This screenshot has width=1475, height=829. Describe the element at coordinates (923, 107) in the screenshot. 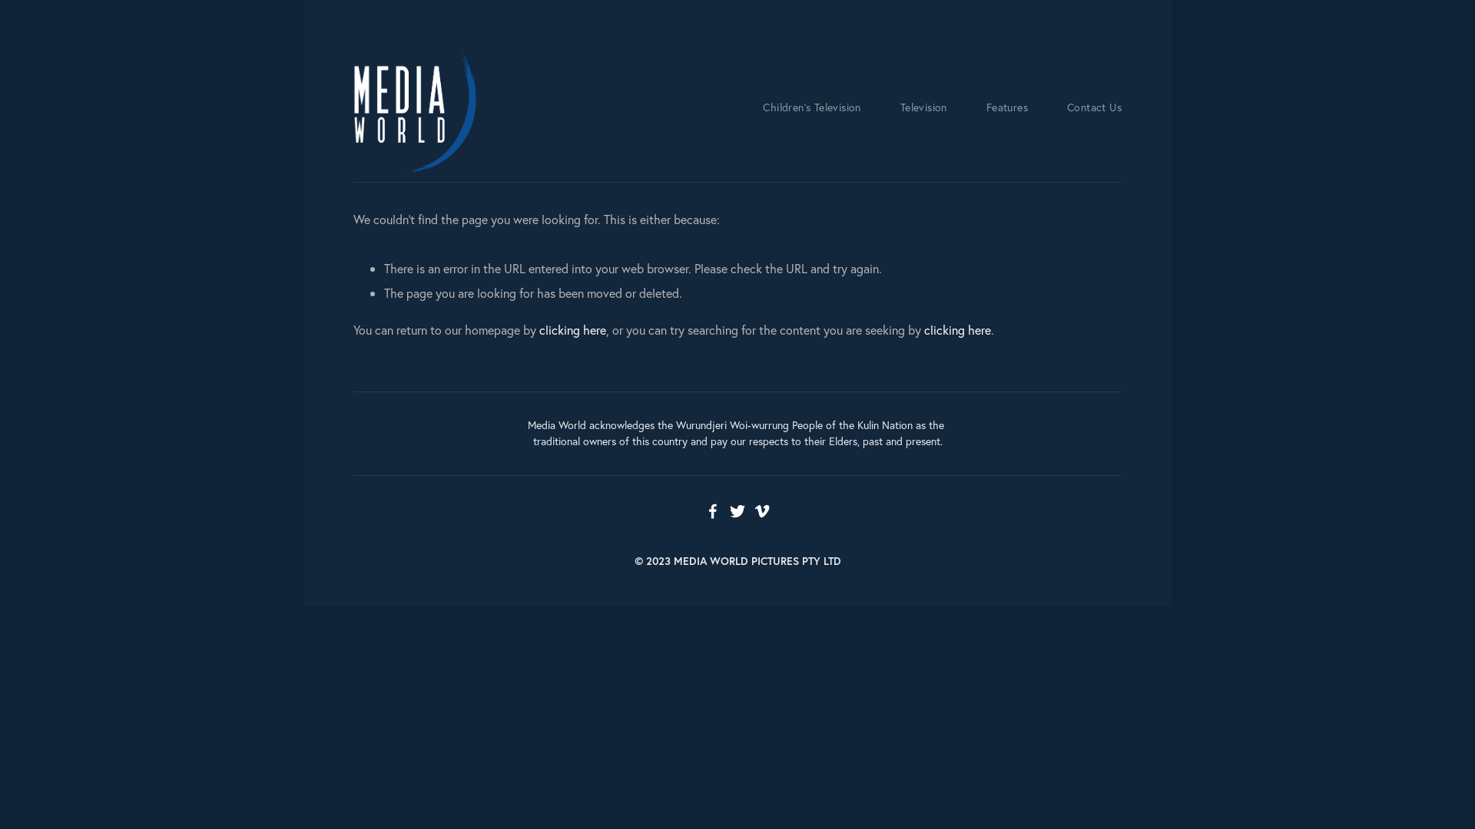

I see `'Television'` at that location.